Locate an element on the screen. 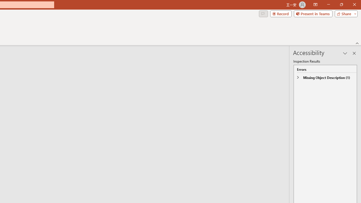 The width and height of the screenshot is (361, 203). 'Task Pane Options' is located at coordinates (345, 53).